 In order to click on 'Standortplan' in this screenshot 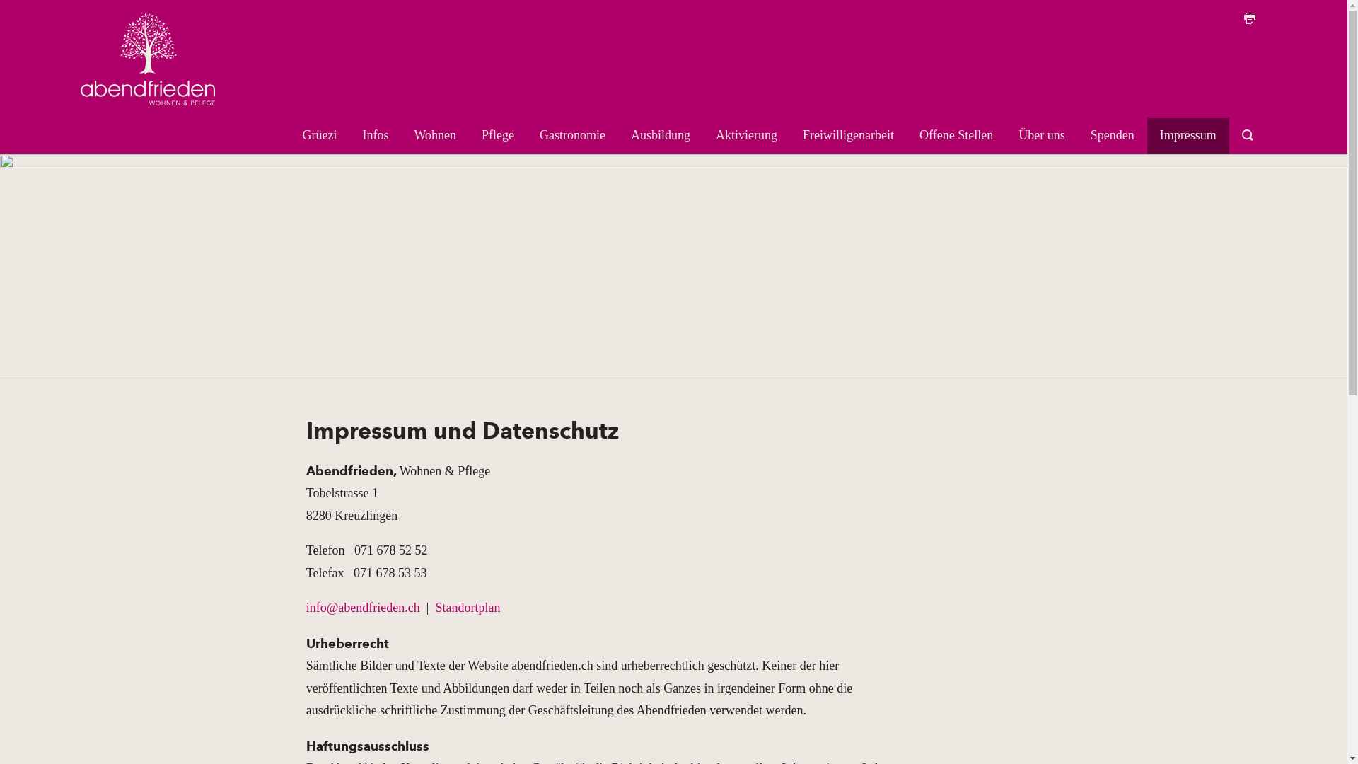, I will do `click(468, 607)`.